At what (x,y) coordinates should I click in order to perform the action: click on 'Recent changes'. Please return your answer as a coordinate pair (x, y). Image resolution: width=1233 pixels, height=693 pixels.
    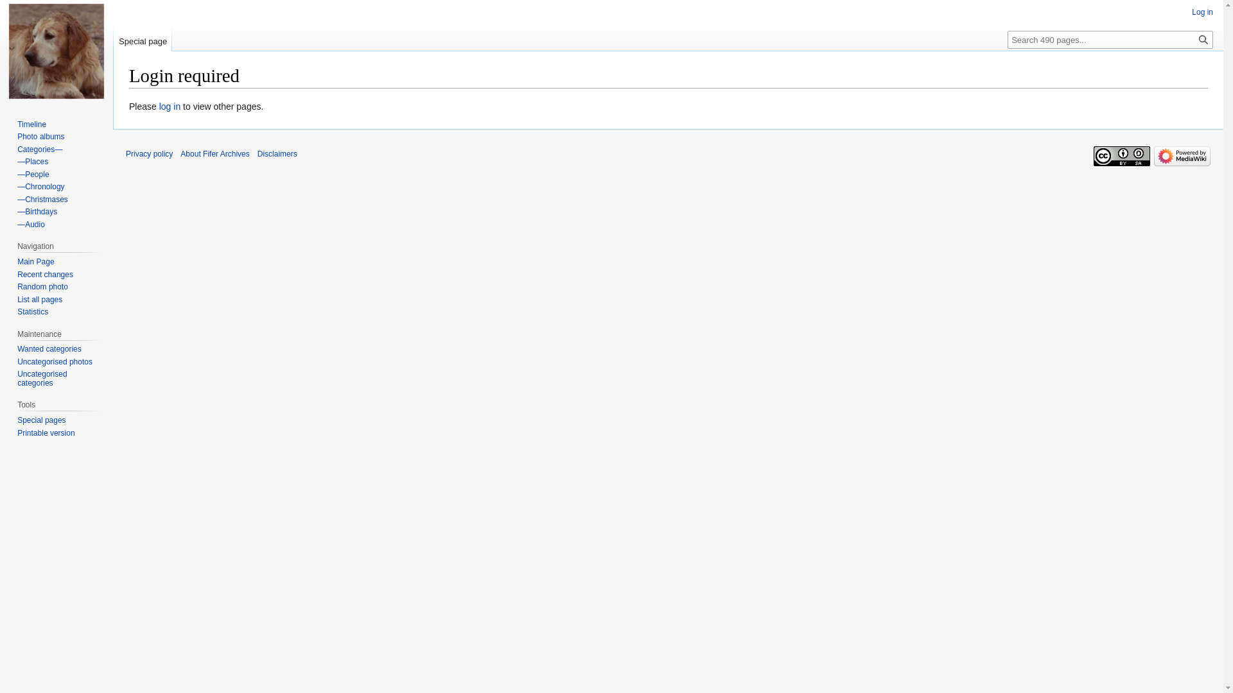
    Looking at the image, I should click on (45, 274).